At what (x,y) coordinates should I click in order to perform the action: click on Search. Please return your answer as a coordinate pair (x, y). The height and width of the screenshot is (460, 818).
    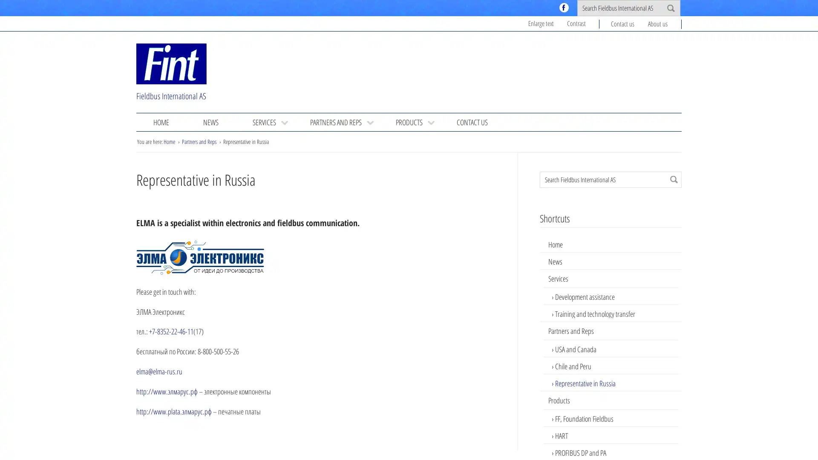
    Looking at the image, I should click on (674, 178).